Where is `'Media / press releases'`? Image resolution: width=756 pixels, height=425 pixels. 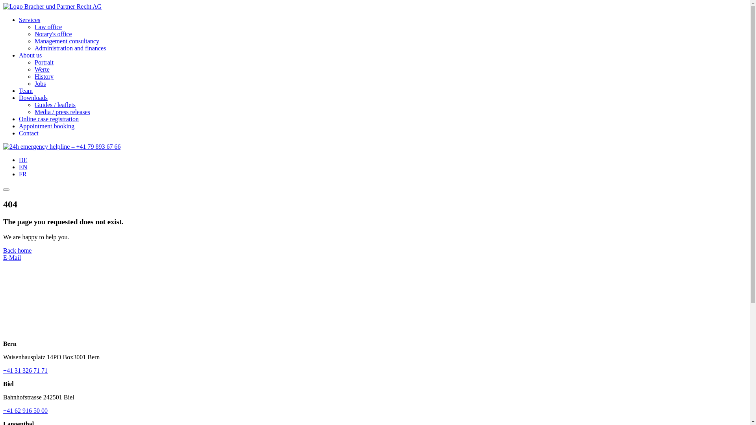
'Media / press releases' is located at coordinates (34, 112).